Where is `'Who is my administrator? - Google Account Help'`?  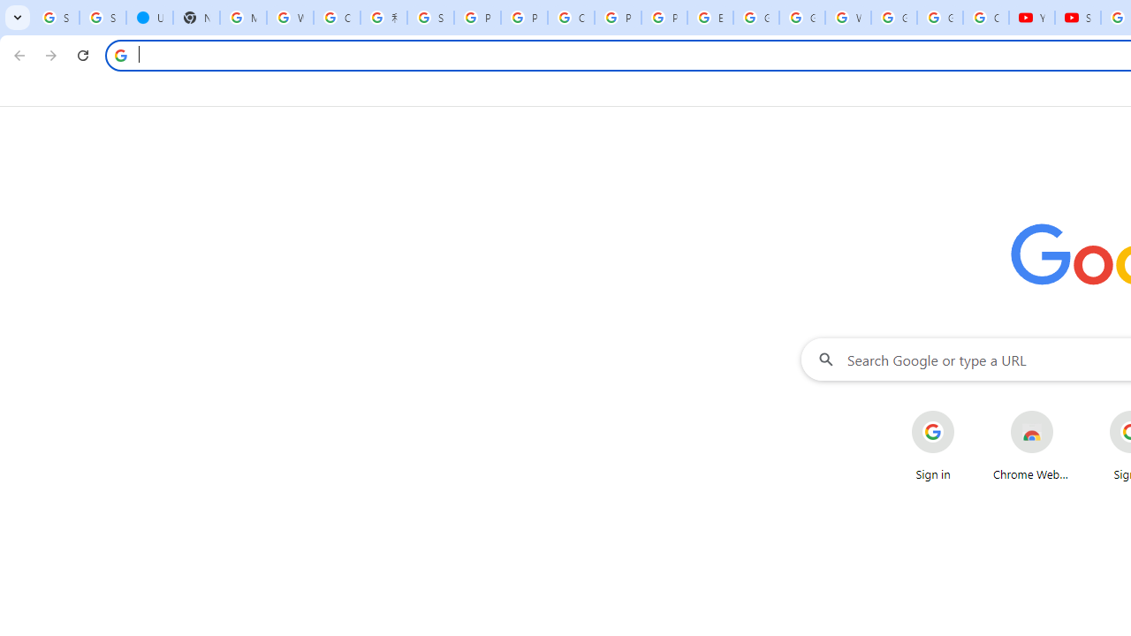 'Who is my administrator? - Google Account Help' is located at coordinates (290, 18).